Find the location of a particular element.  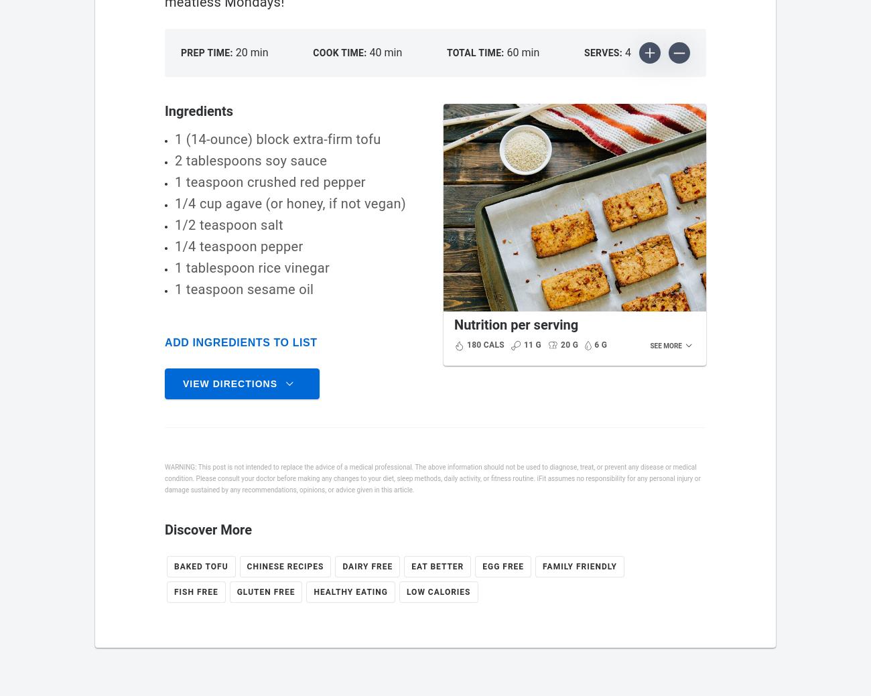

'Protein' is located at coordinates (475, 604).